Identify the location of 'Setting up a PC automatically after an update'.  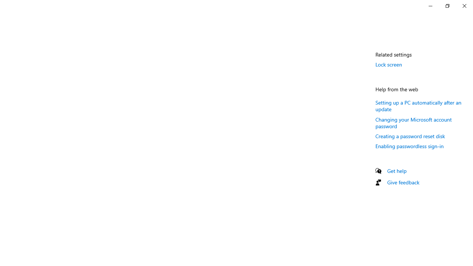
(418, 106).